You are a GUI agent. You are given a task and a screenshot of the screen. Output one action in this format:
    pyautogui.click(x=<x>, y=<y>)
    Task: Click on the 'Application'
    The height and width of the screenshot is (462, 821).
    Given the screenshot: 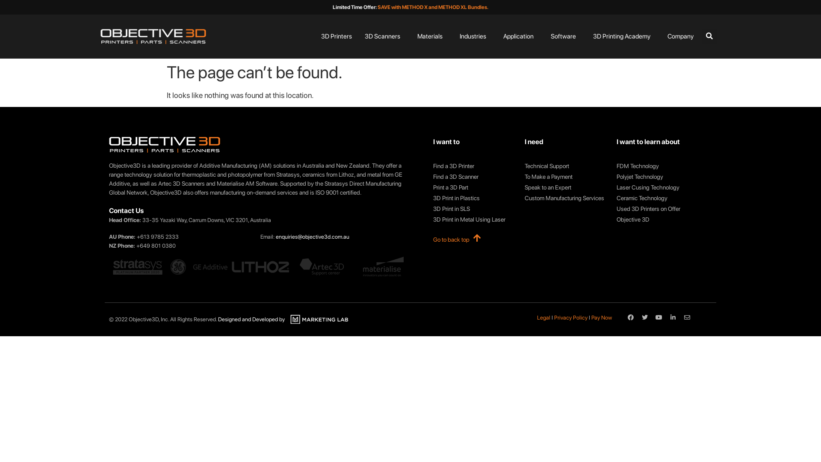 What is the action you would take?
    pyautogui.click(x=517, y=36)
    